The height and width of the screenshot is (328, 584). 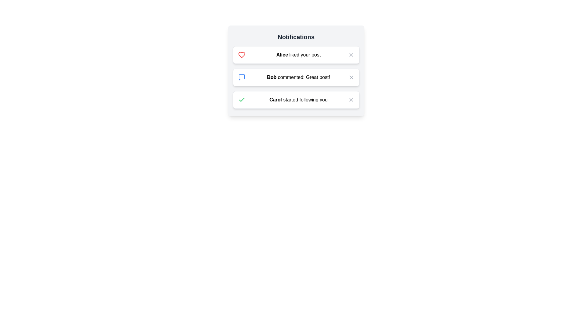 I want to click on the green checkmark icon indicating 'Carol started following you' in the notification row, so click(x=241, y=99).